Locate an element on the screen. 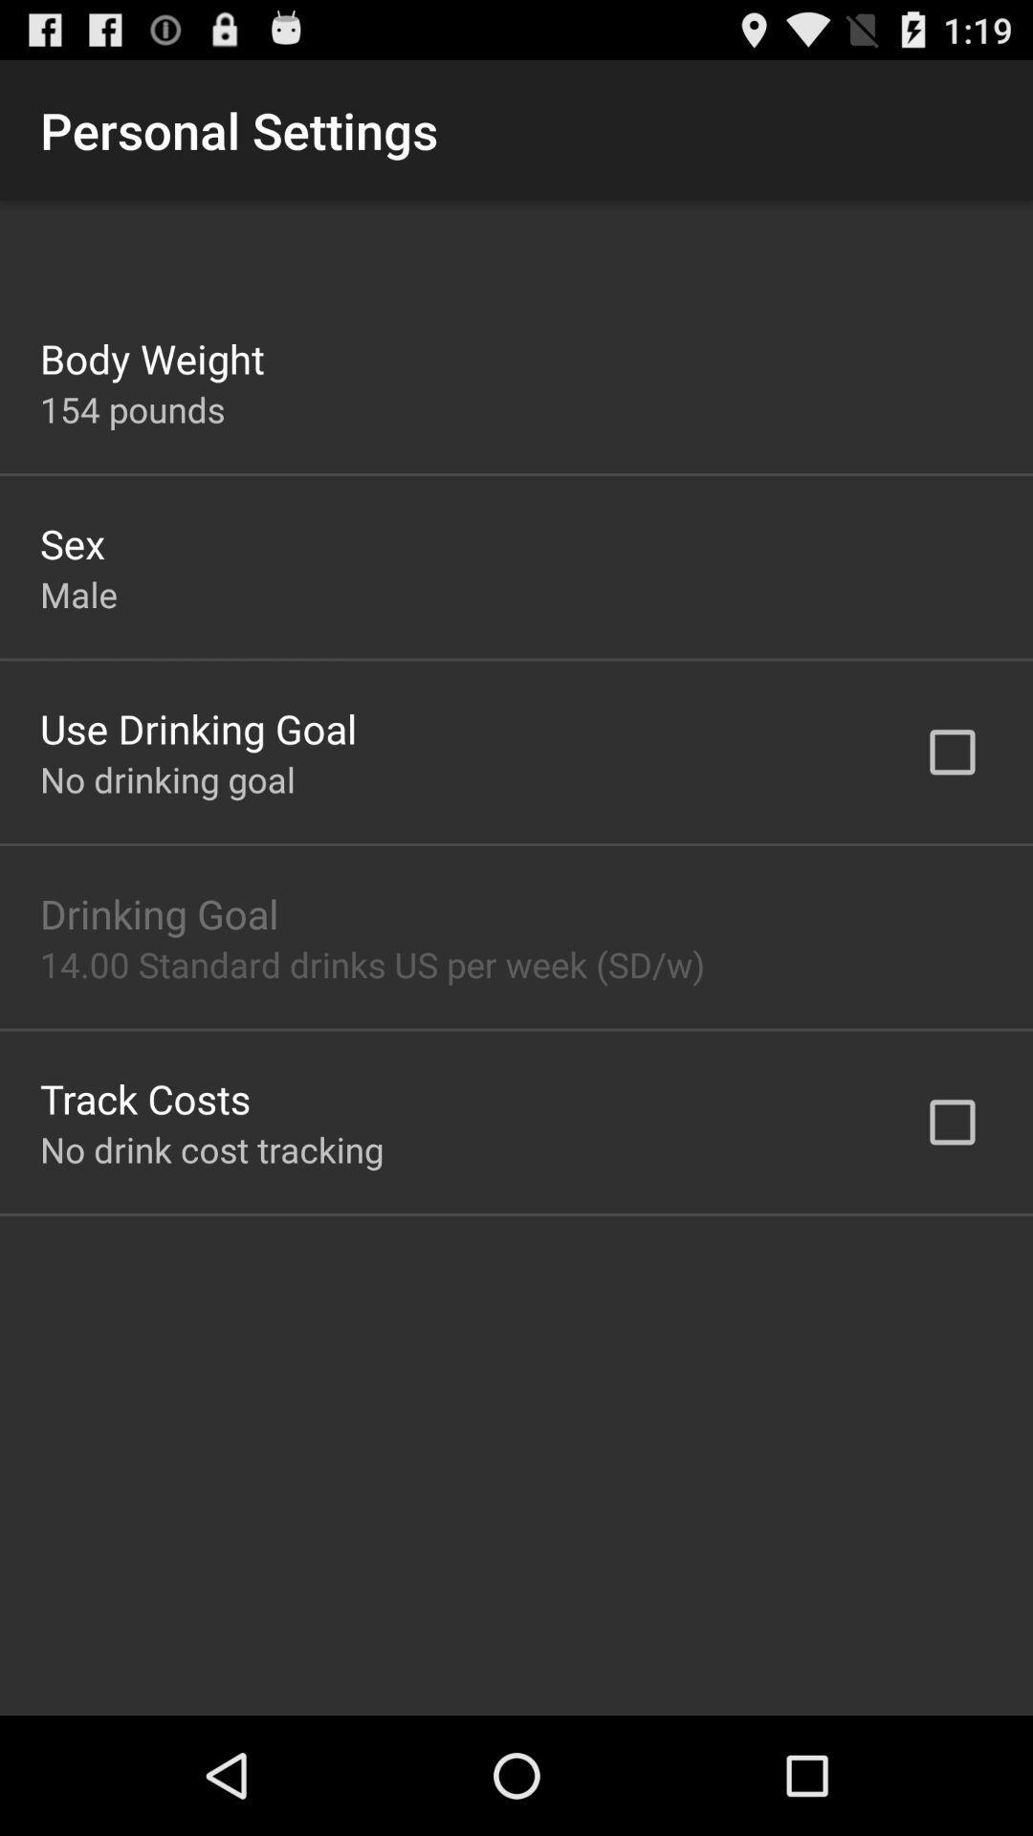 Image resolution: width=1033 pixels, height=1836 pixels. the app above the male is located at coordinates (72, 542).